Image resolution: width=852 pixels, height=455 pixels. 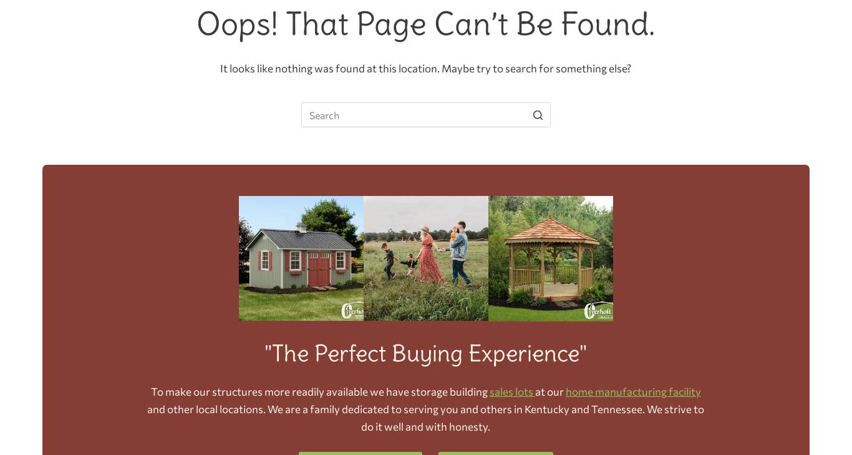 I want to click on '©2023 Overholt & Sons Inc | Website Design and SEO by', so click(x=346, y=238).